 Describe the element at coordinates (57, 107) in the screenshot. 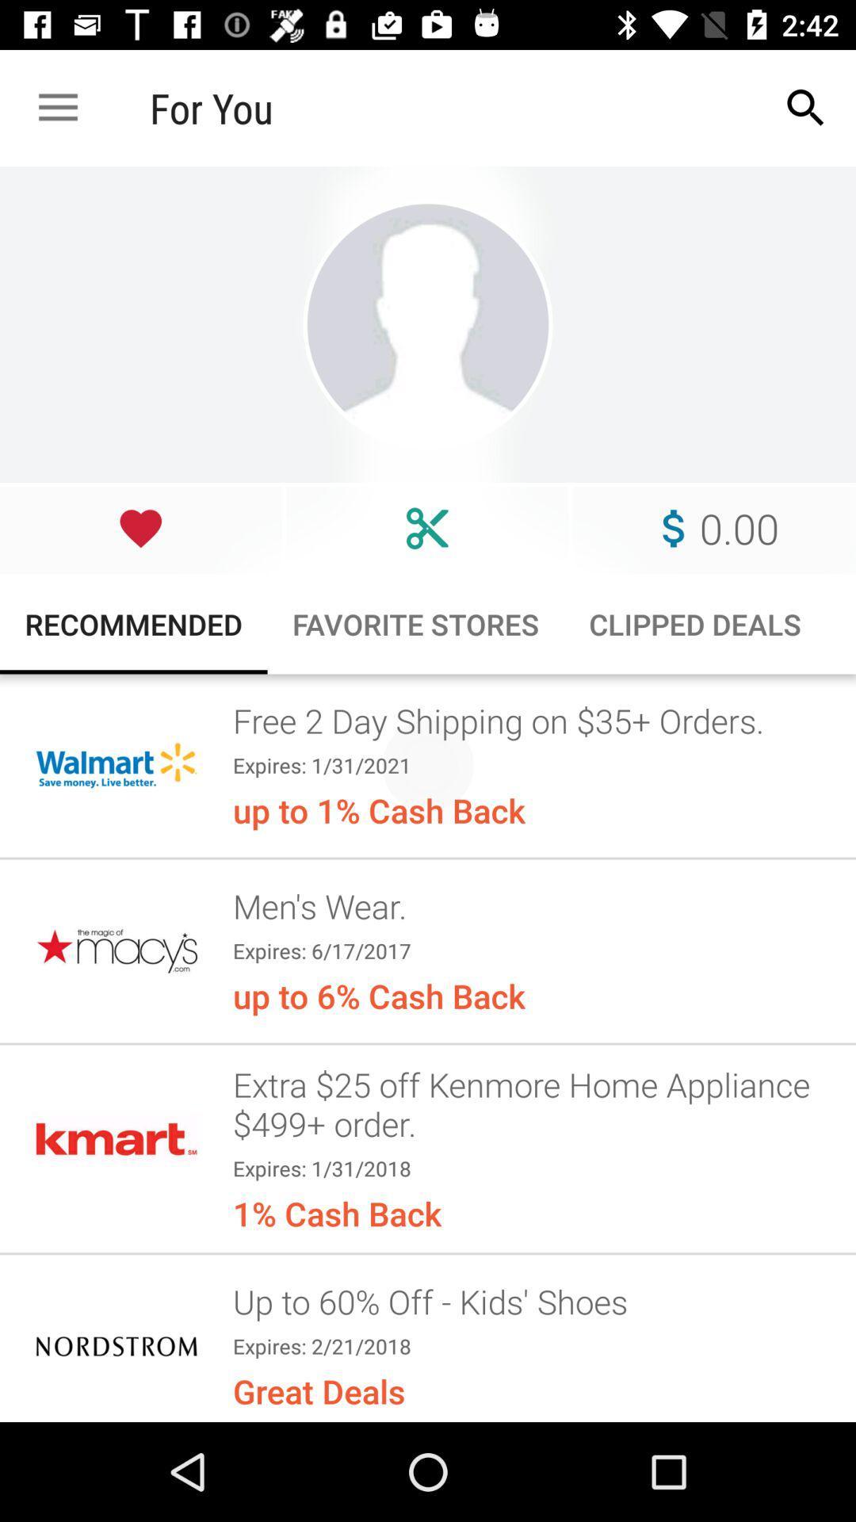

I see `the item to the left of for you` at that location.